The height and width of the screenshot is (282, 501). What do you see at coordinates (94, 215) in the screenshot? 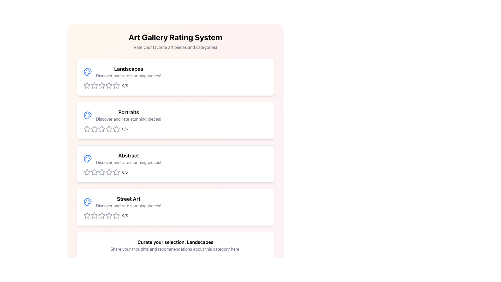
I see `the first star in the row of five rating stars in the 'Street Art' section` at bounding box center [94, 215].